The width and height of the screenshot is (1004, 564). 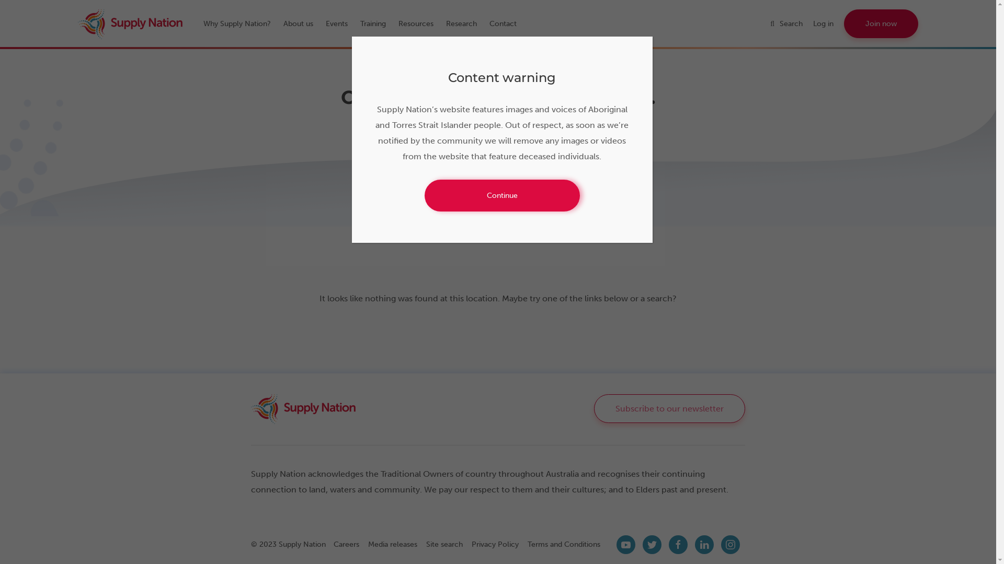 I want to click on 'Supply Nation on YouTube', so click(x=625, y=544).